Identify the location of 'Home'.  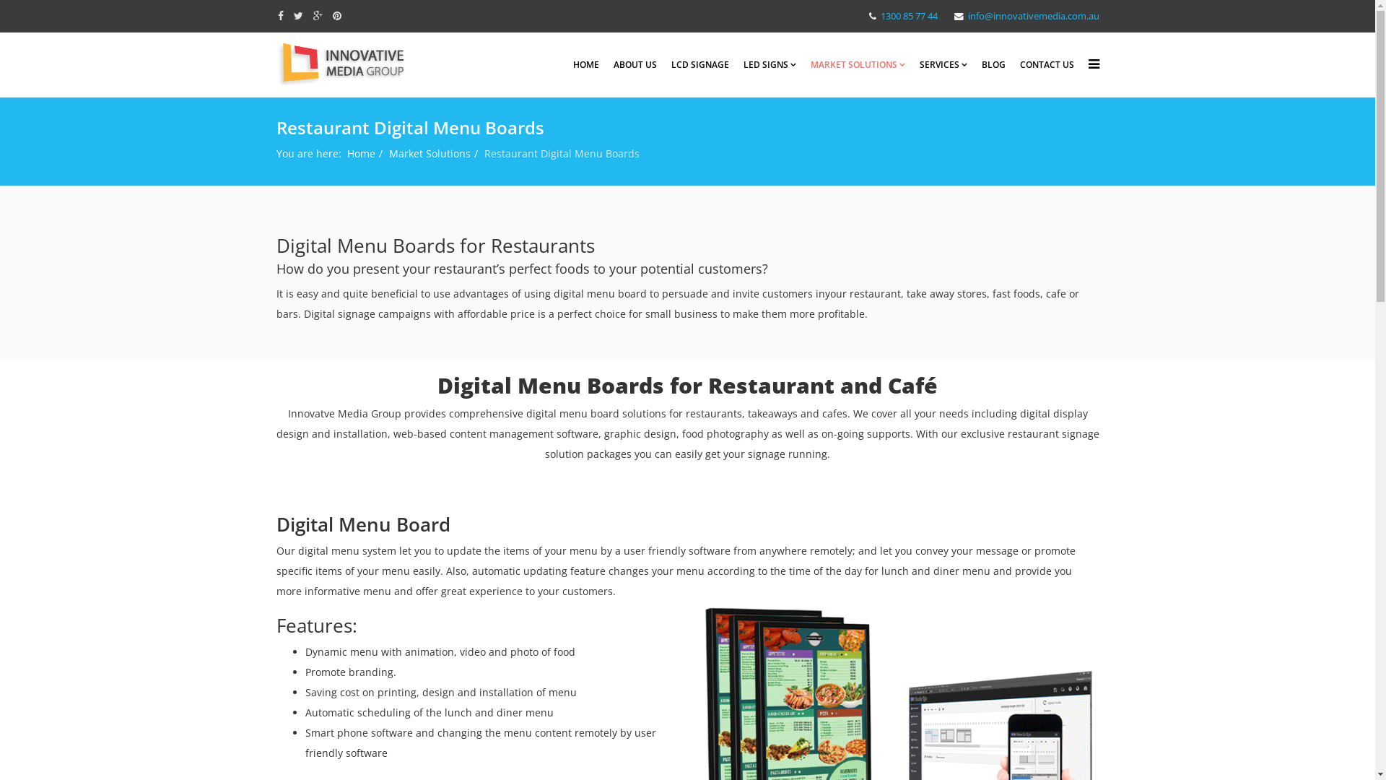
(360, 153).